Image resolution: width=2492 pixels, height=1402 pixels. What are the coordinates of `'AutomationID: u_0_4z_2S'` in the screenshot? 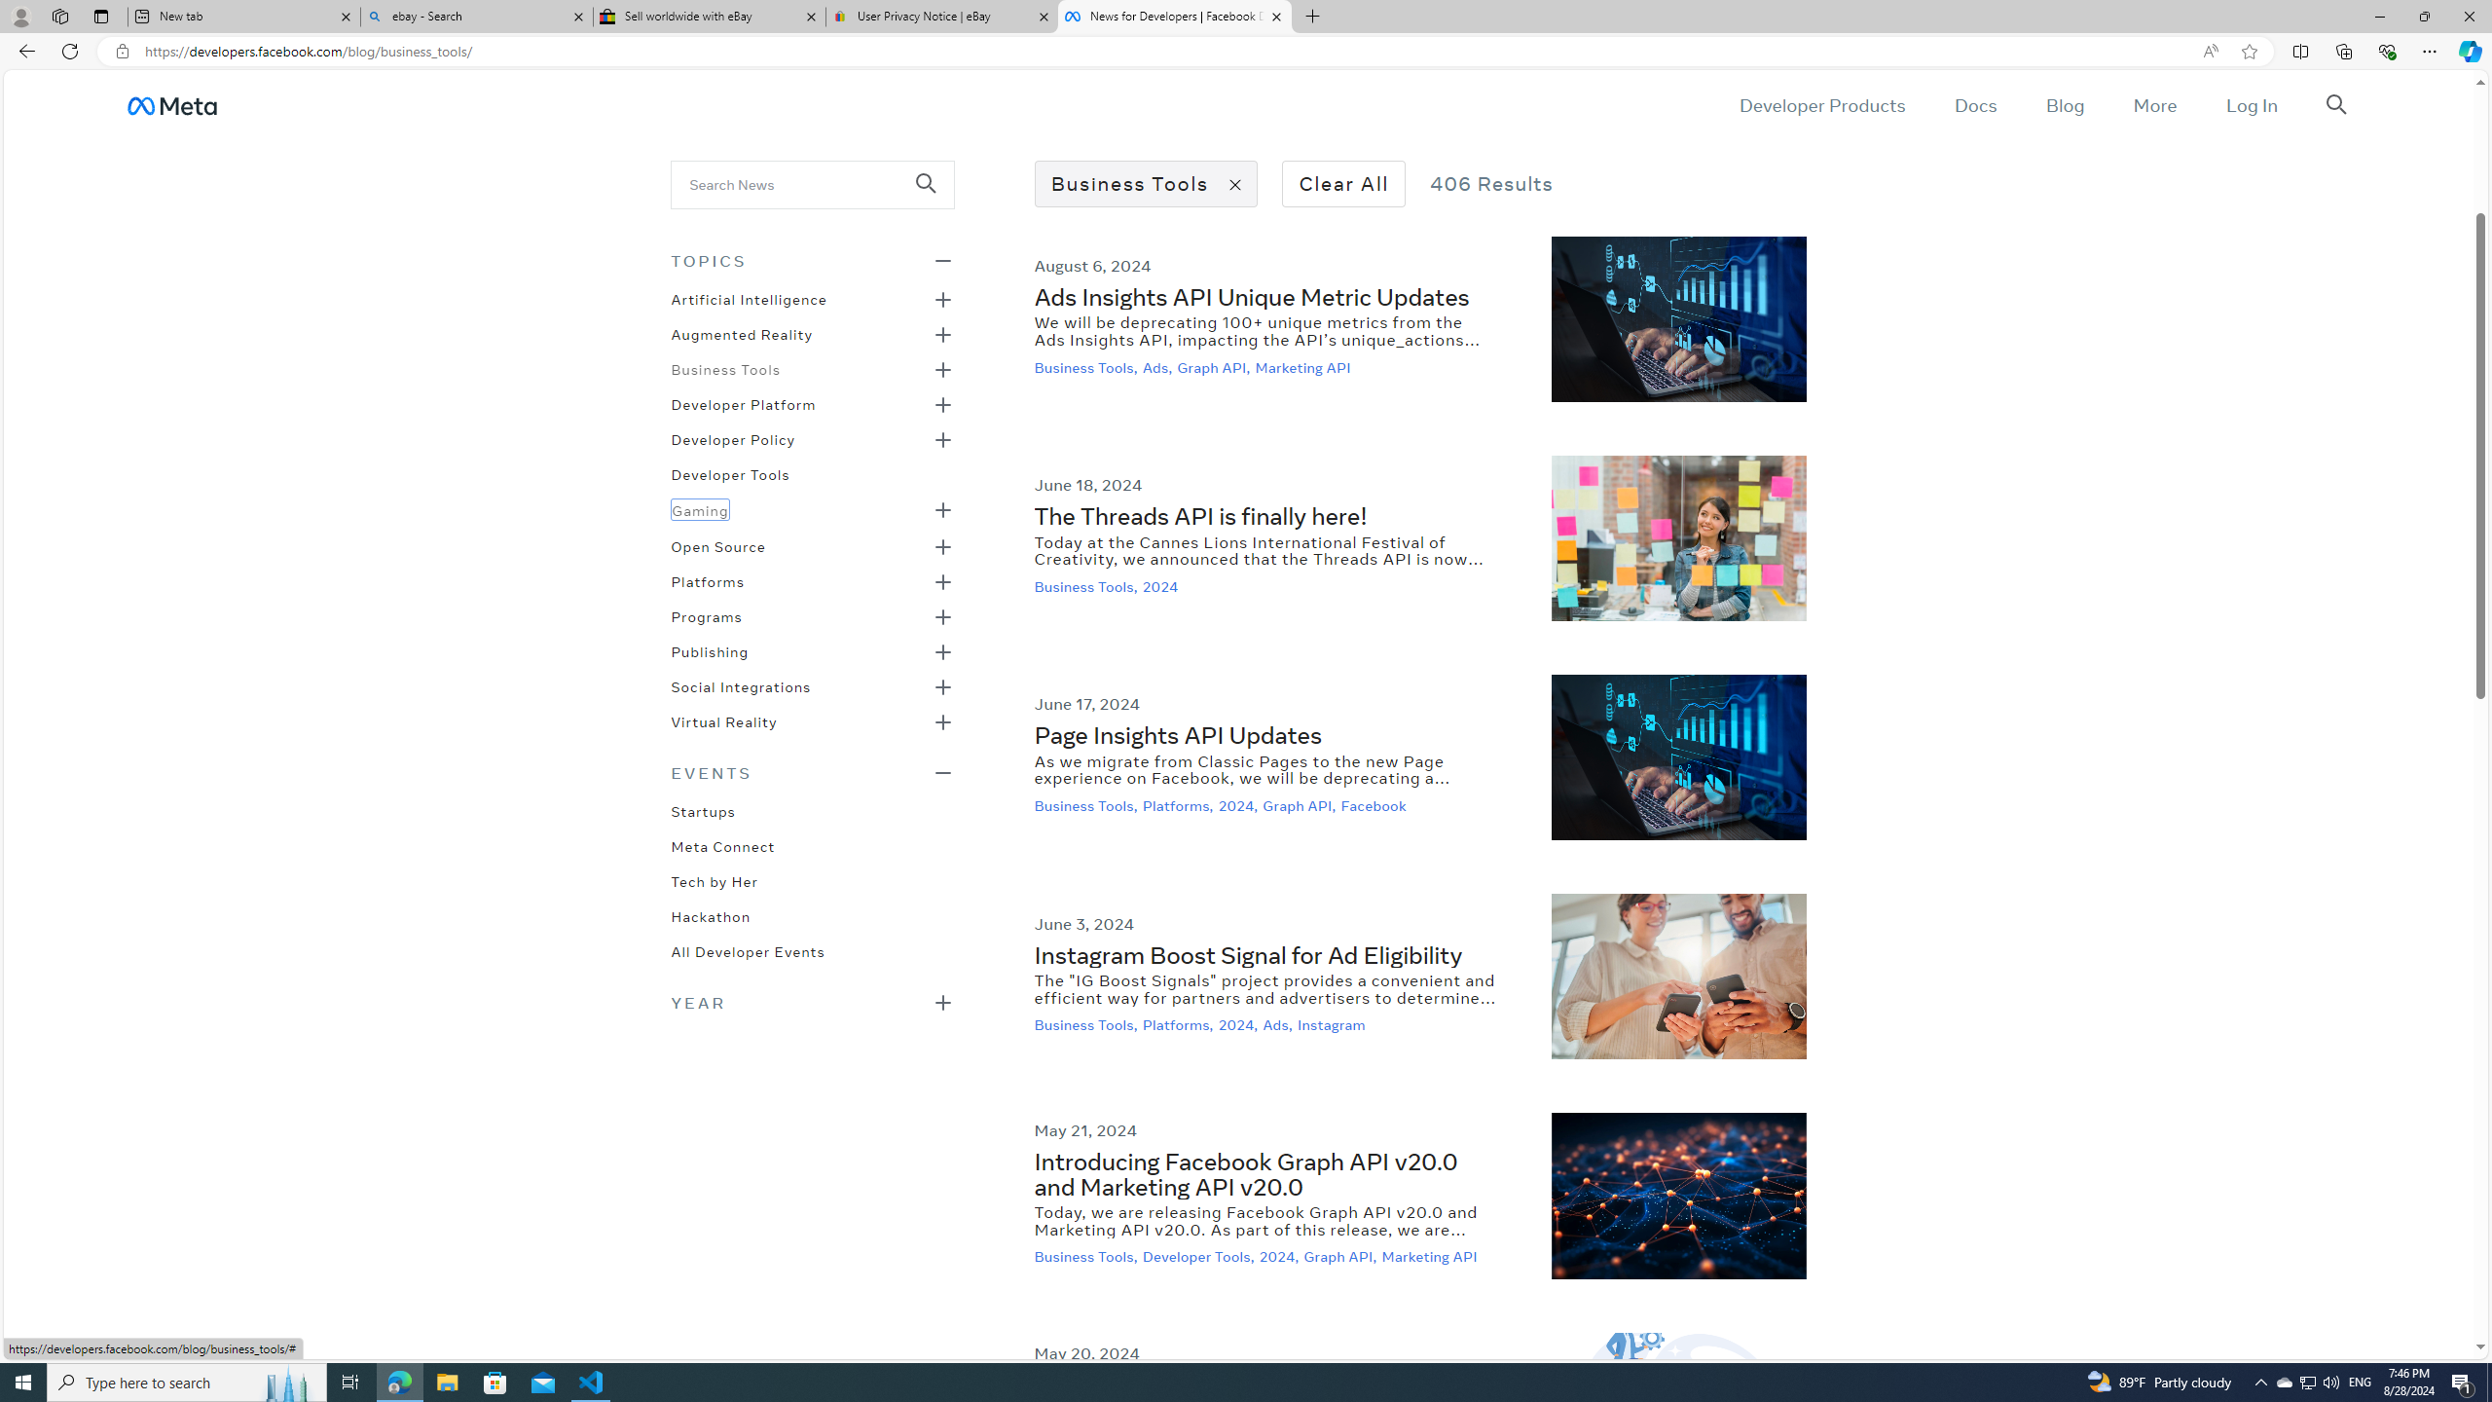 It's located at (170, 104).